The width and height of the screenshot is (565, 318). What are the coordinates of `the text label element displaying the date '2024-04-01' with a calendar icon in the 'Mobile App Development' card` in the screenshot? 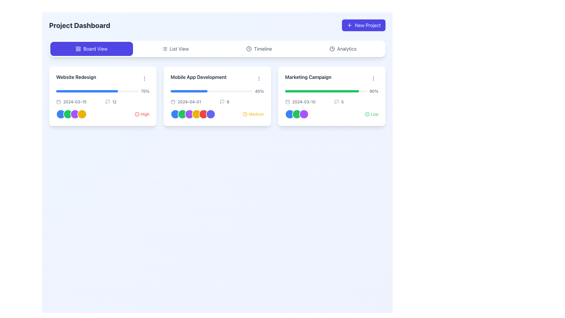 It's located at (193, 102).